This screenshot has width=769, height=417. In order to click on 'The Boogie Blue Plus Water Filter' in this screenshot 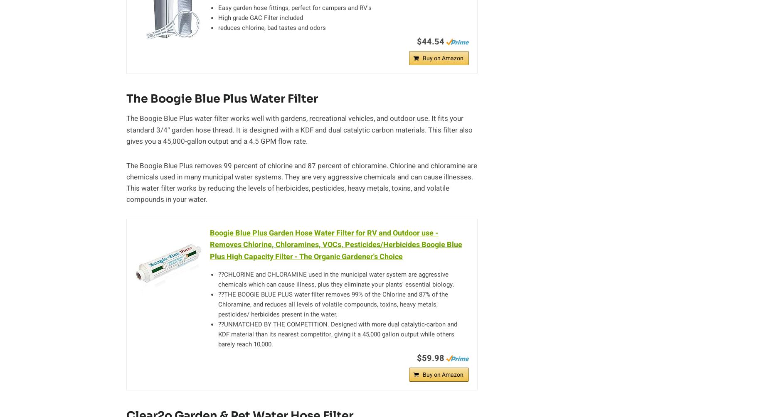, I will do `click(222, 98)`.